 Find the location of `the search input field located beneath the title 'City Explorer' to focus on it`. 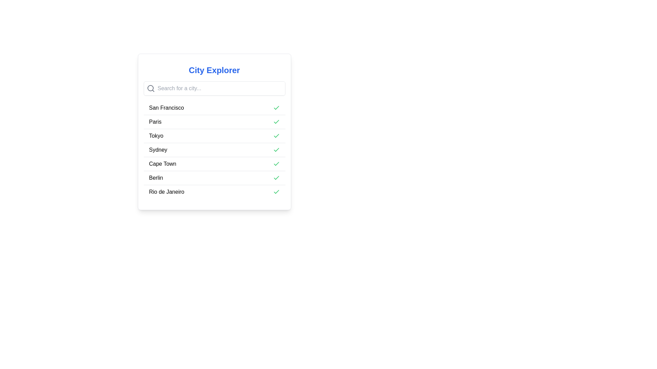

the search input field located beneath the title 'City Explorer' to focus on it is located at coordinates (214, 88).